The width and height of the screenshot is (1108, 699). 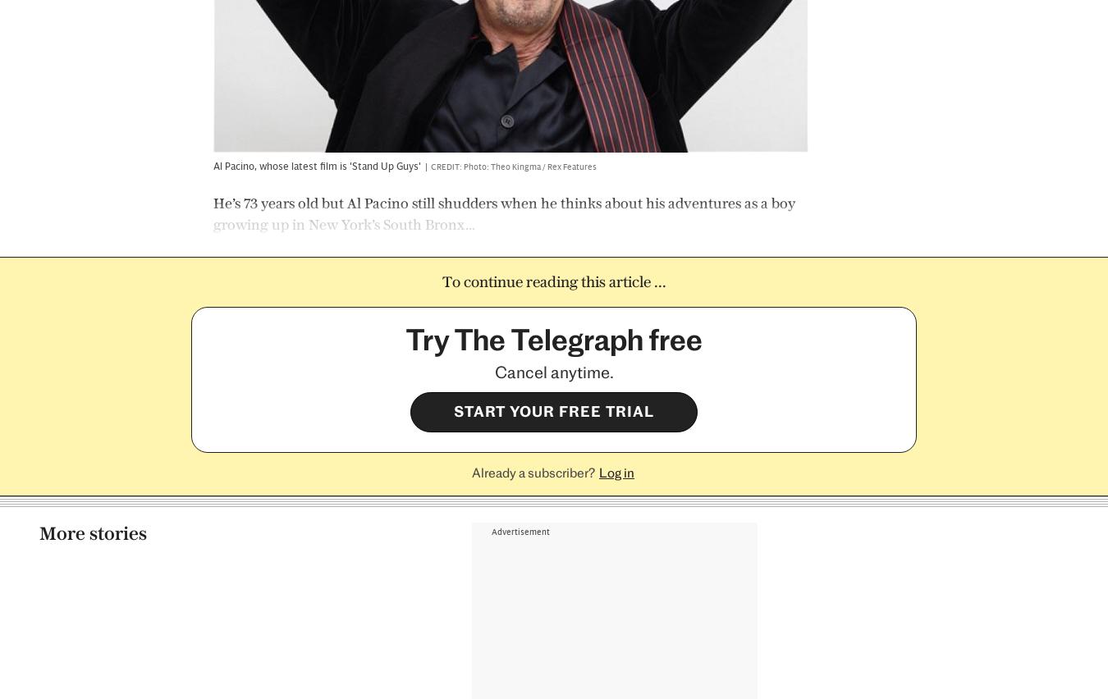 I want to click on 'Advertisement', so click(x=520, y=75).